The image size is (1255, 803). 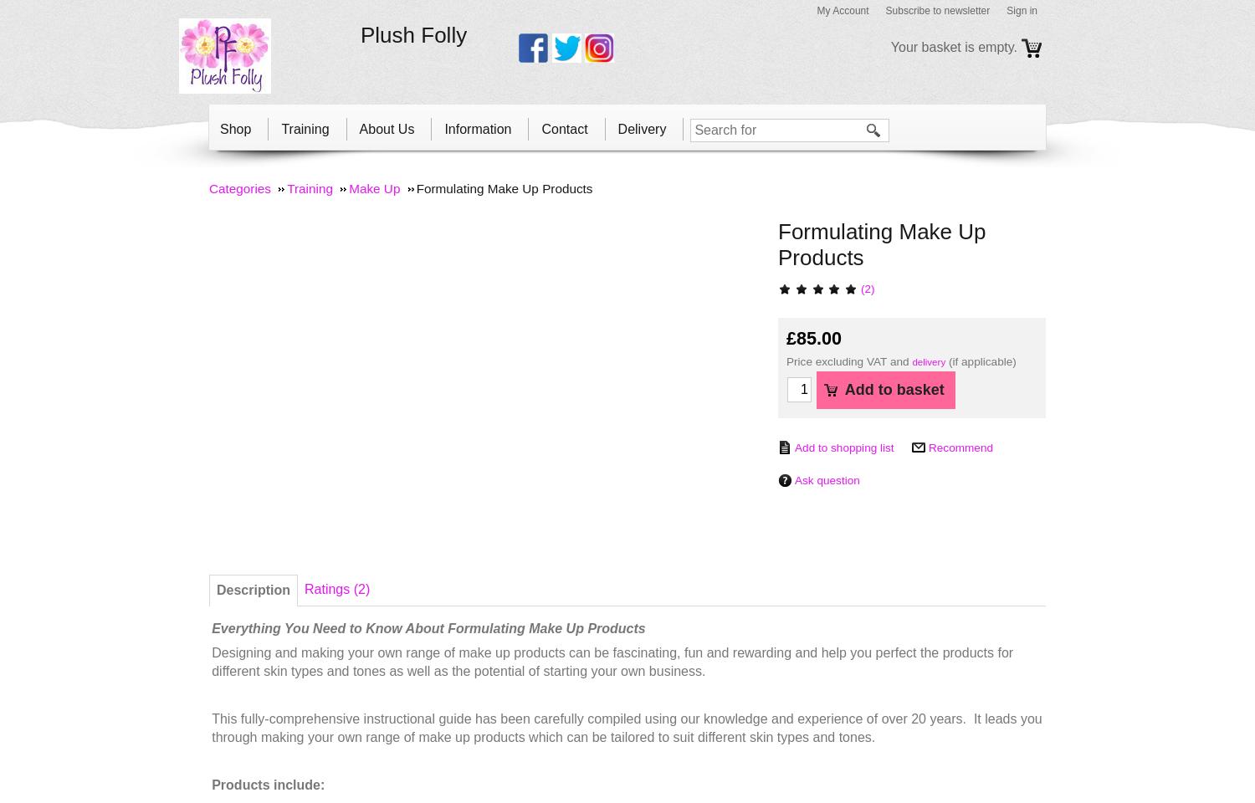 I want to click on 'Price excluding VAT and', so click(x=849, y=361).